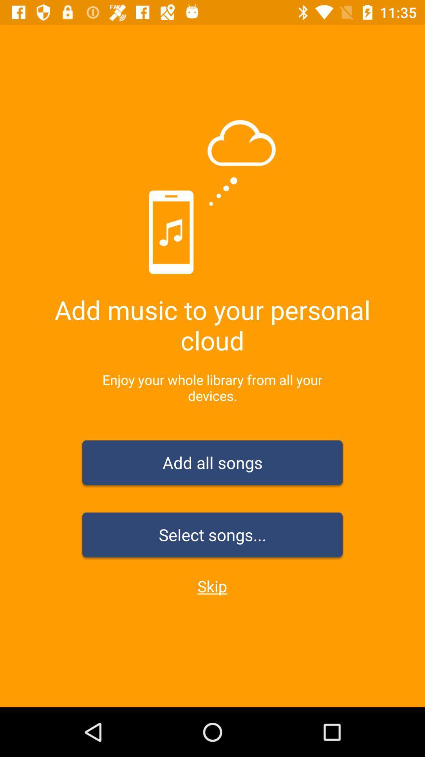  Describe the element at coordinates (213, 536) in the screenshot. I see `the select songs... item` at that location.